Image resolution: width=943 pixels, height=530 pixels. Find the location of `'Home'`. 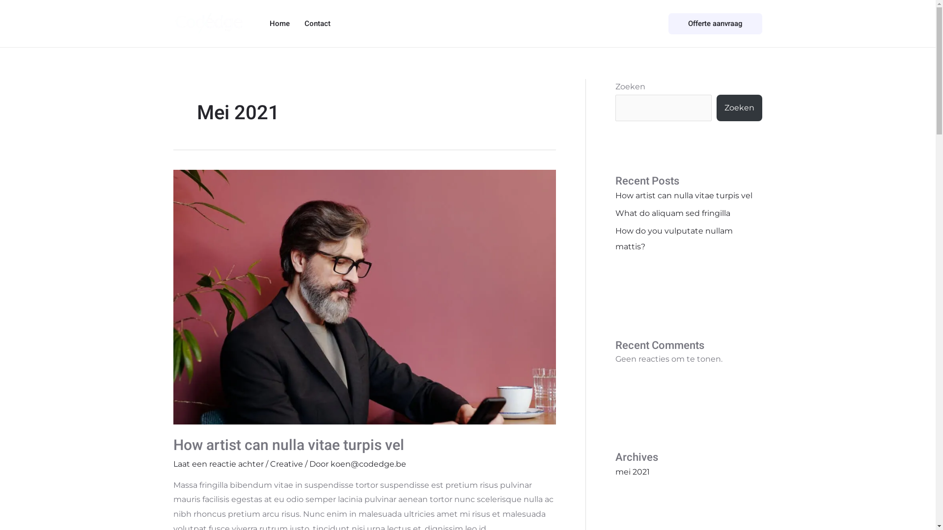

'Home' is located at coordinates (279, 23).